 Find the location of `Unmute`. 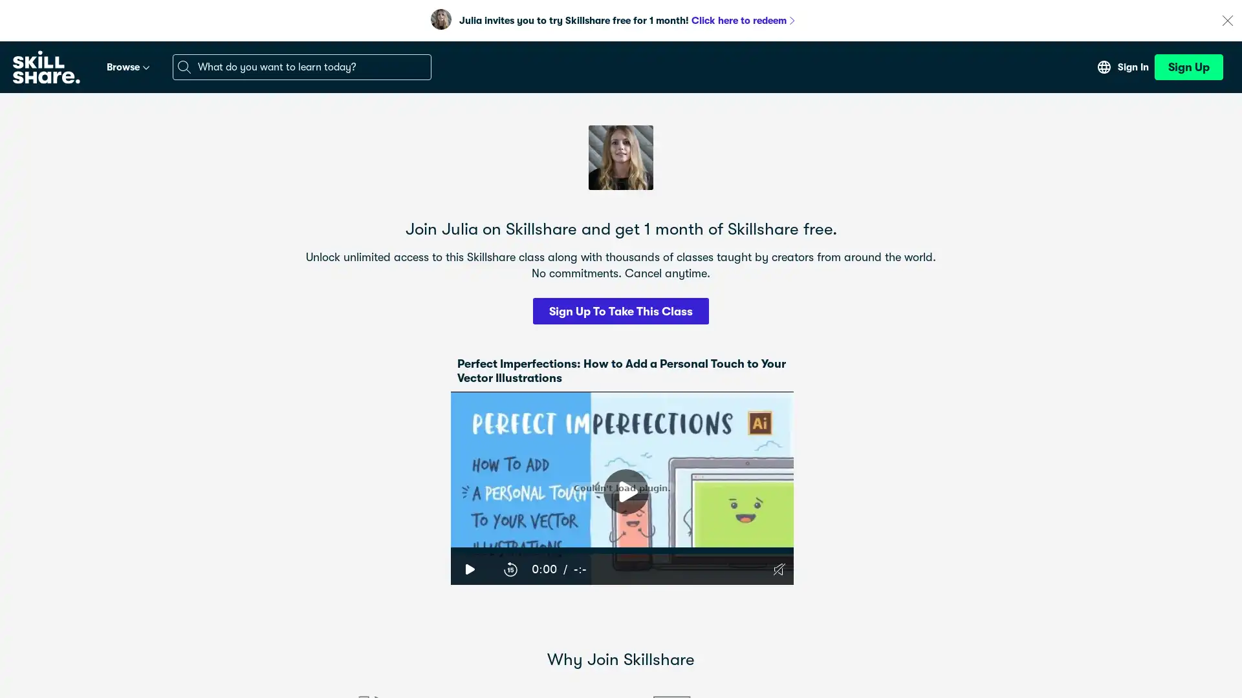

Unmute is located at coordinates (778, 567).